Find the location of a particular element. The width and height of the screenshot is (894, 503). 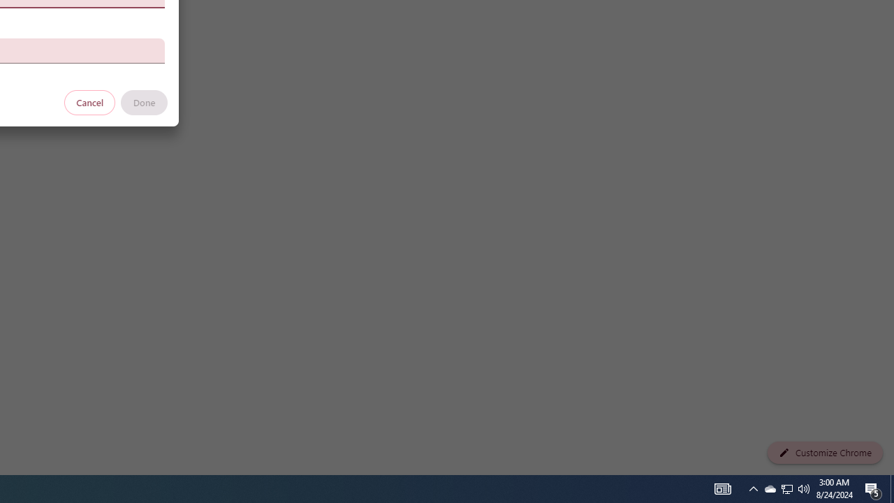

'Cancel' is located at coordinates (89, 101).